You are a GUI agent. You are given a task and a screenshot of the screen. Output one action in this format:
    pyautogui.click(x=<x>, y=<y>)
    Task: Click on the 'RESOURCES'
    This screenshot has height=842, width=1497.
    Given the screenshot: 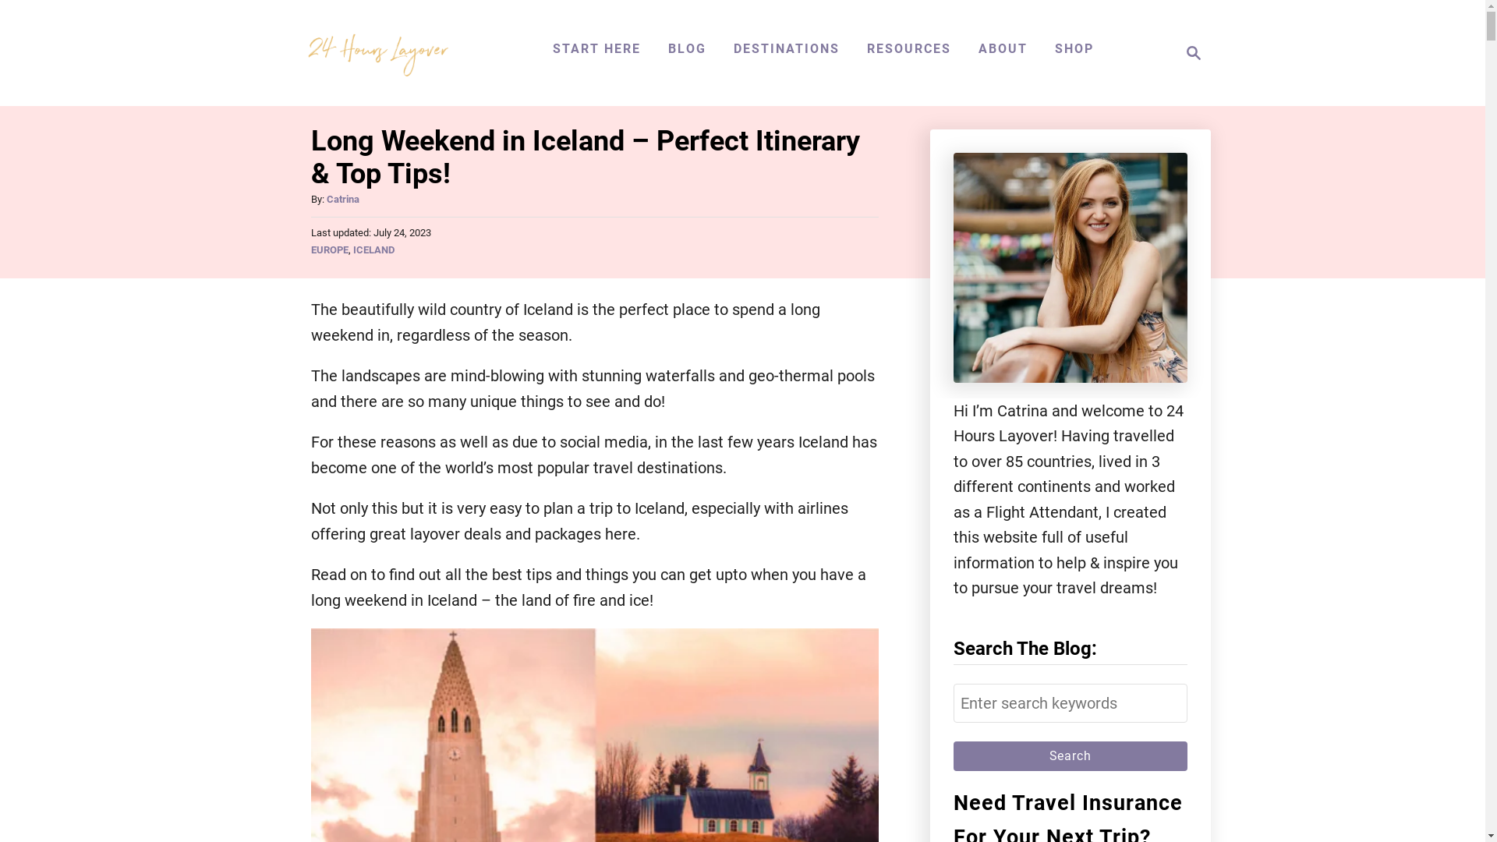 What is the action you would take?
    pyautogui.click(x=909, y=48)
    